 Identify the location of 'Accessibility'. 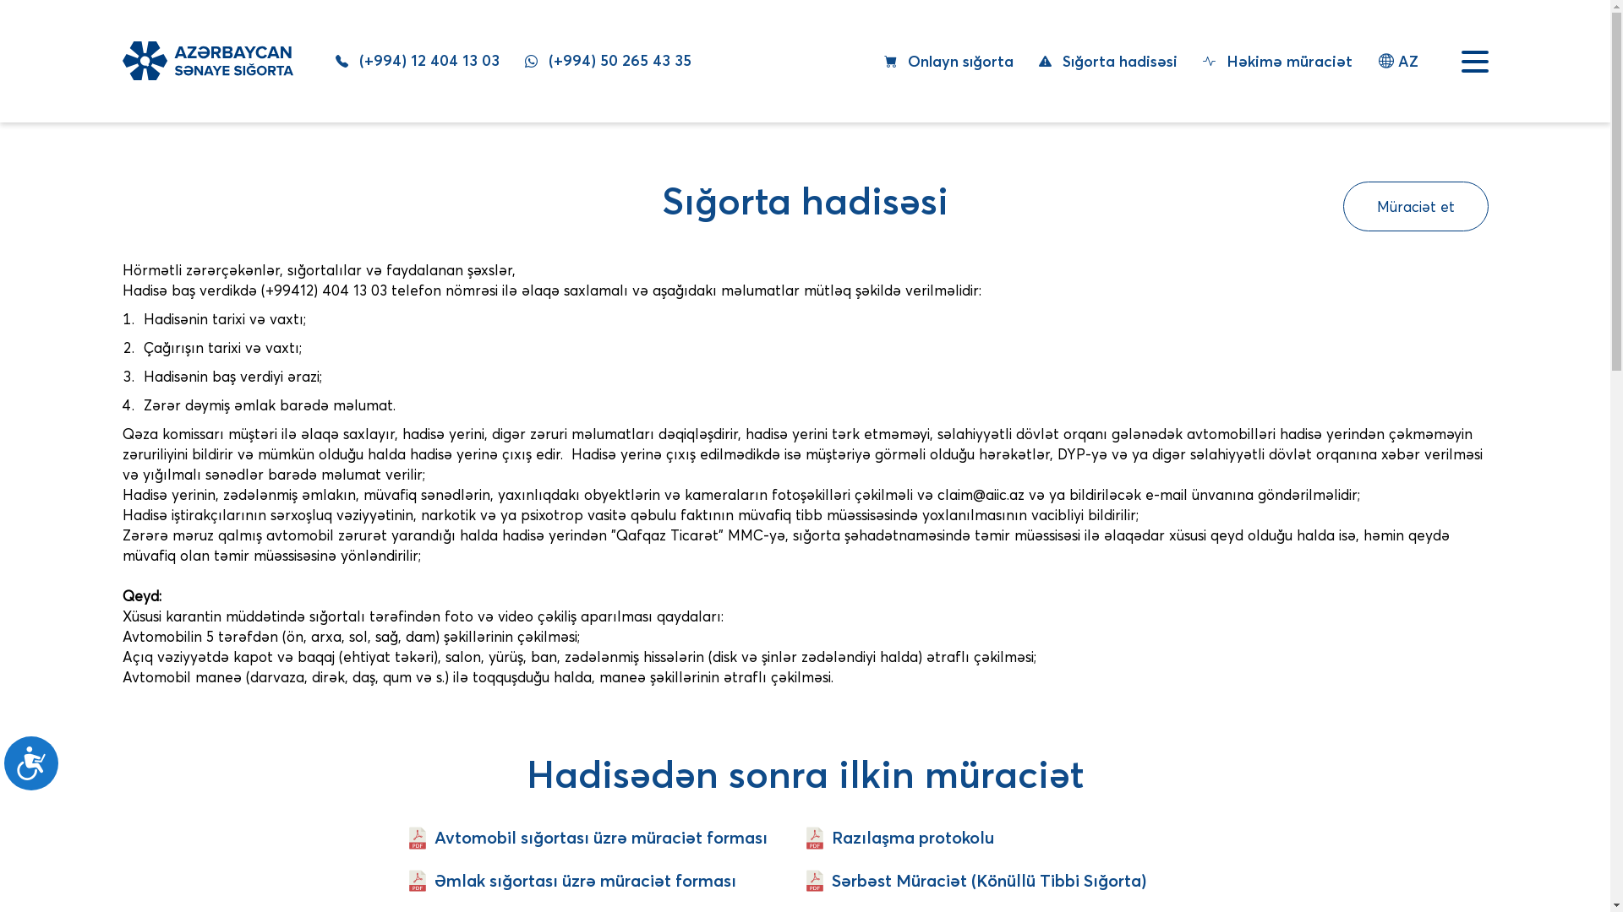
(3, 769).